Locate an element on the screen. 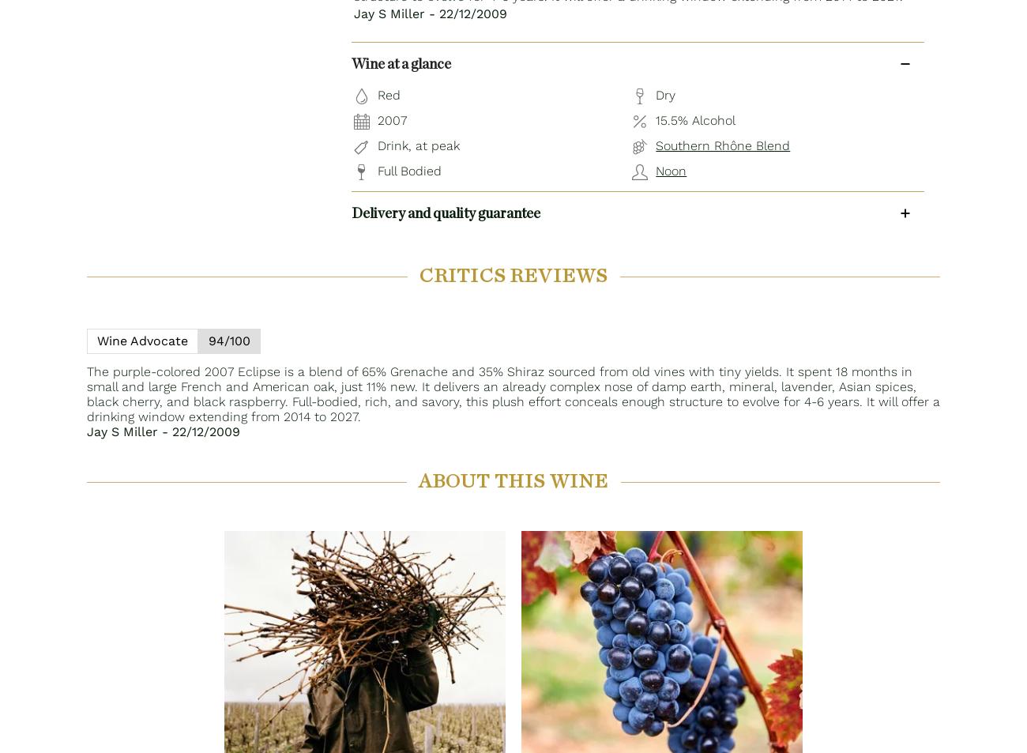 The height and width of the screenshot is (753, 1027). 'Delivery and quality guarantee' is located at coordinates (445, 212).